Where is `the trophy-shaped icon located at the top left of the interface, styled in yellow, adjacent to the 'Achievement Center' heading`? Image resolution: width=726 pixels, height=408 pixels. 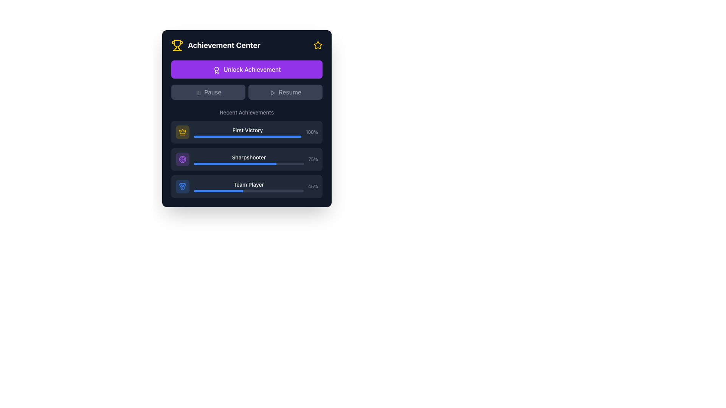
the trophy-shaped icon located at the top left of the interface, styled in yellow, adjacent to the 'Achievement Center' heading is located at coordinates (177, 43).